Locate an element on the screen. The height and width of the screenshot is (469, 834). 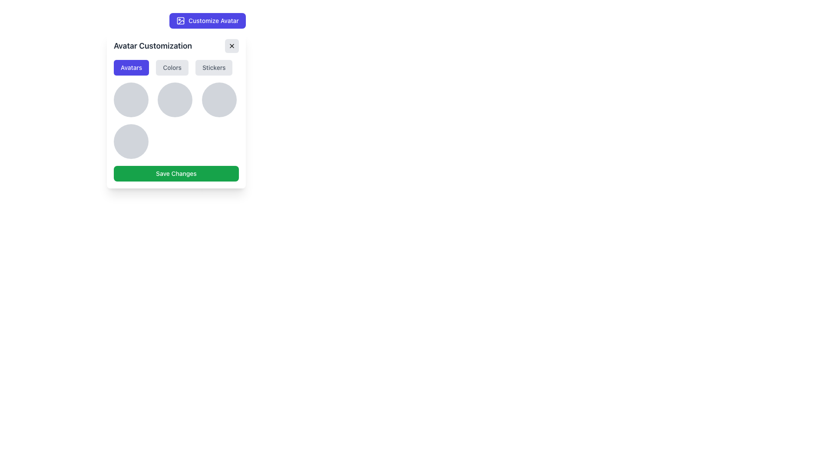
the 'Stickers' button for keyboard navigation is located at coordinates (214, 67).